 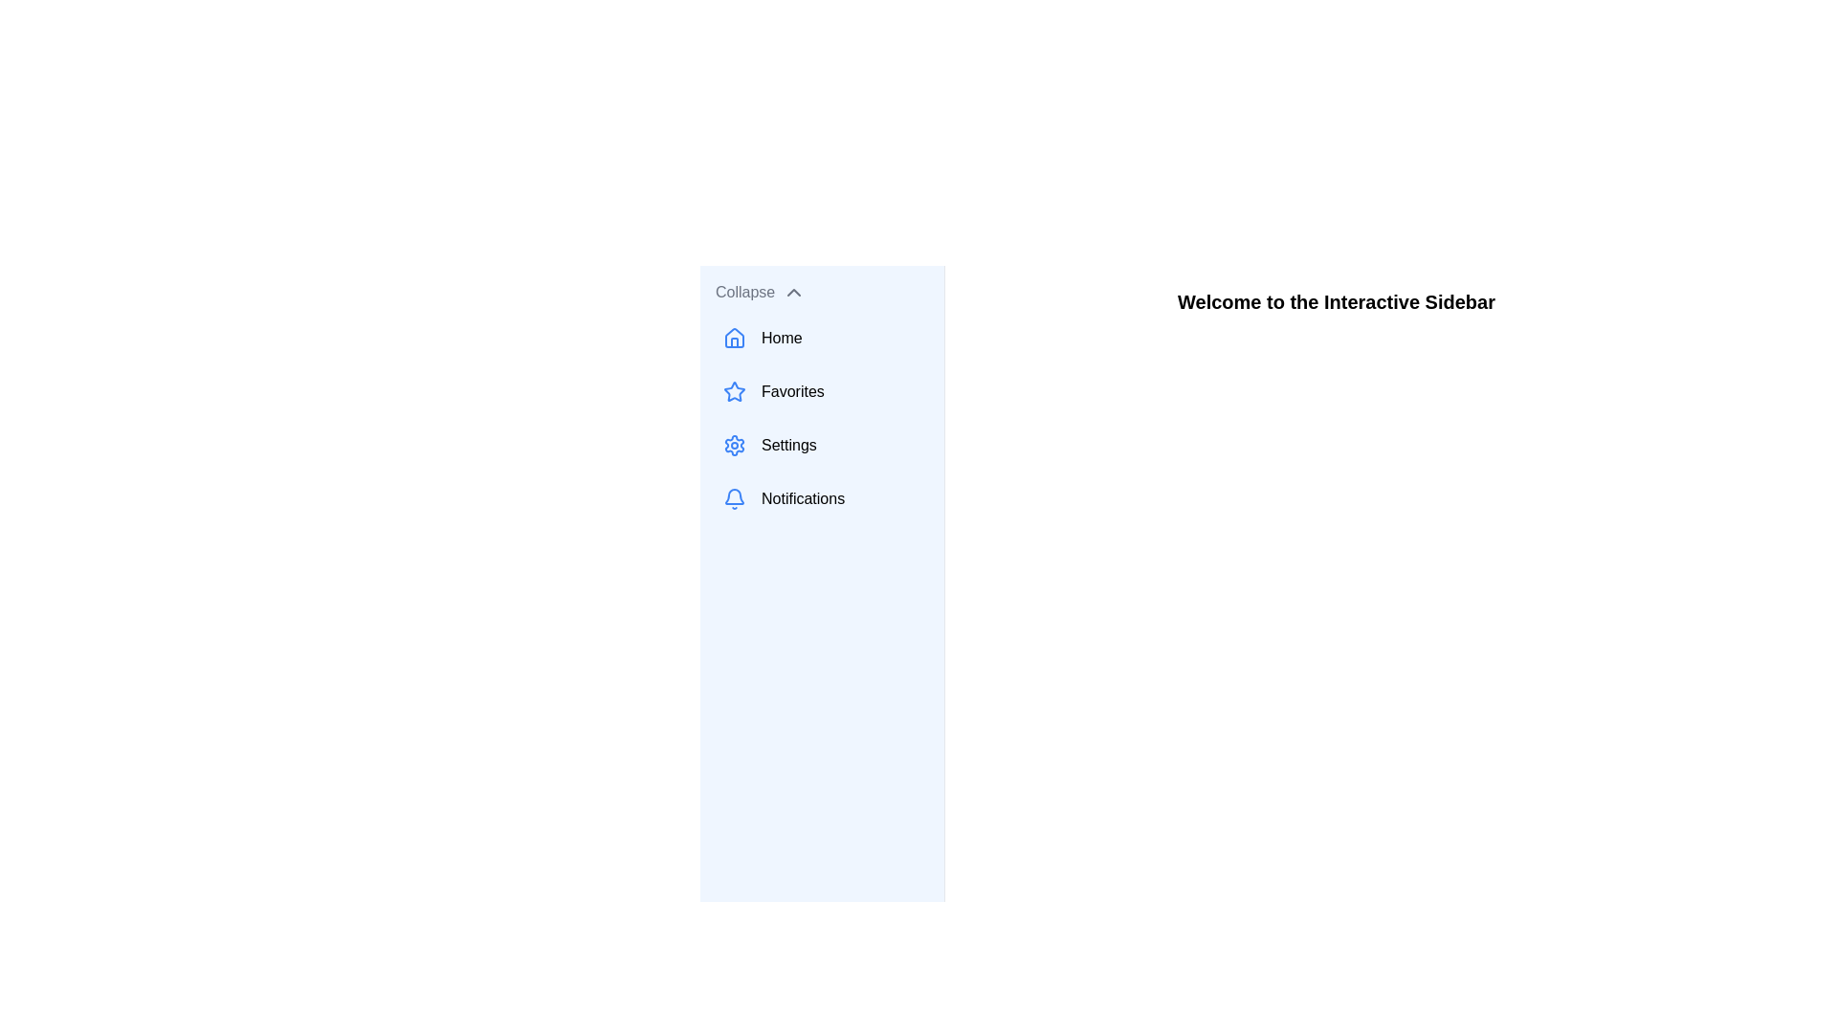 What do you see at coordinates (734, 390) in the screenshot?
I see `the 'Favorites' icon located to the left of the 'Favorites' text in the sidebar menu` at bounding box center [734, 390].